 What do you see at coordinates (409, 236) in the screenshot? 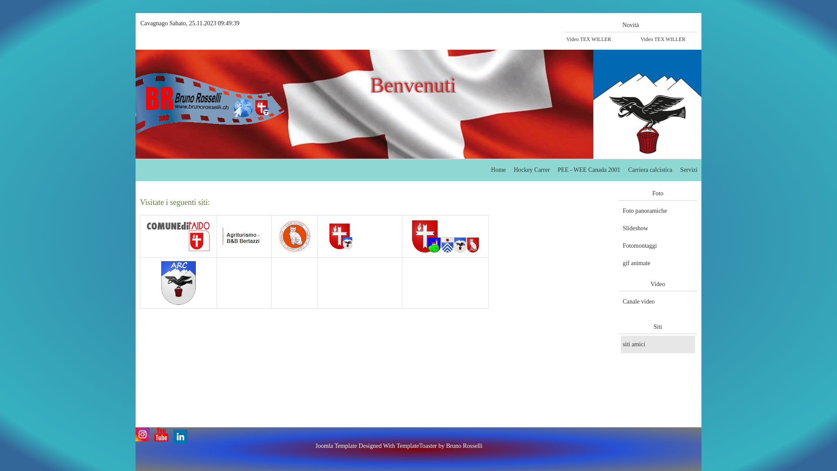
I see `'Traversa'` at bounding box center [409, 236].